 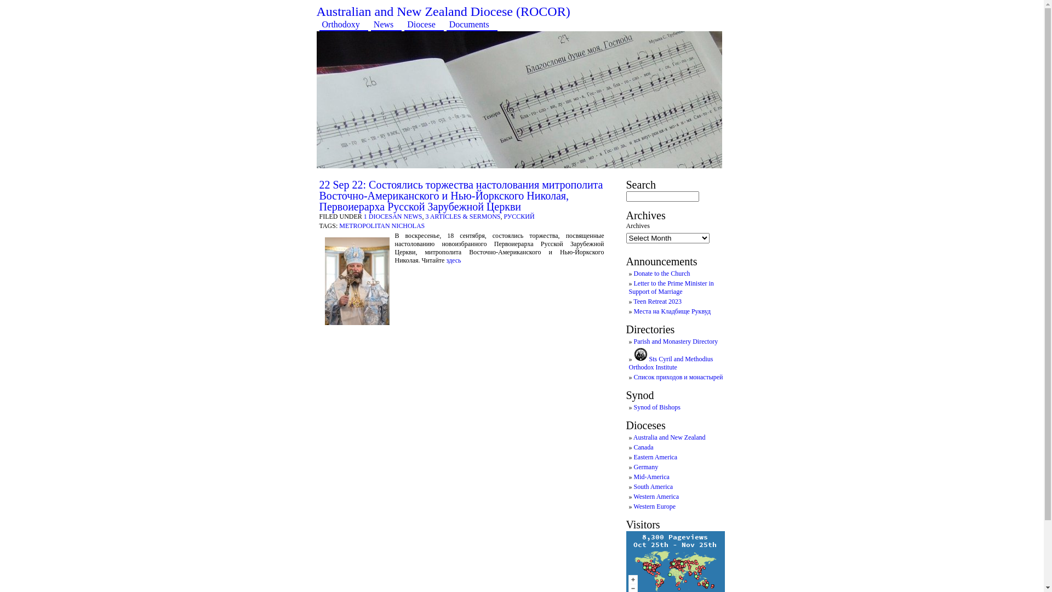 What do you see at coordinates (633, 301) in the screenshot?
I see `'Teen Retreat 2023'` at bounding box center [633, 301].